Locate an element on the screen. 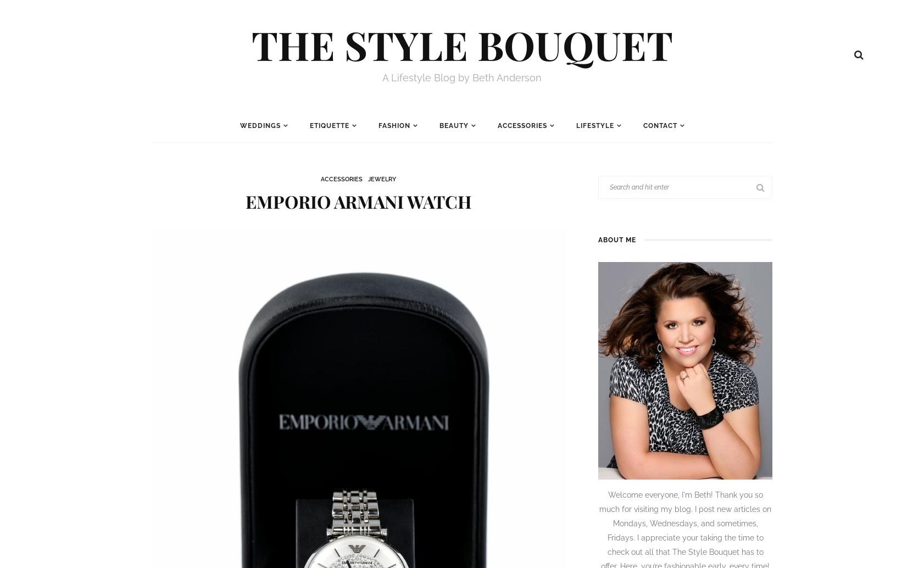  'Skincare' is located at coordinates (460, 162).